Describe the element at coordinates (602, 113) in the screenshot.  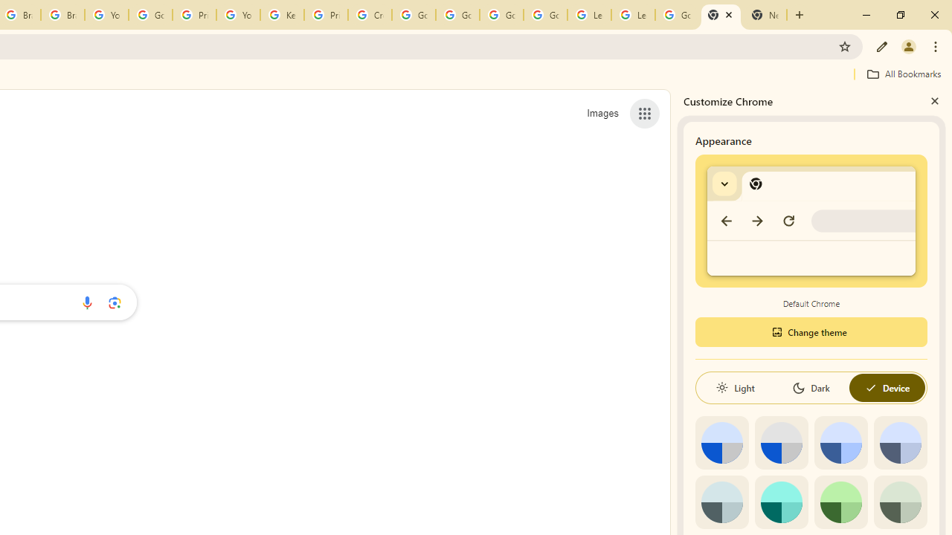
I see `'Search for Images '` at that location.